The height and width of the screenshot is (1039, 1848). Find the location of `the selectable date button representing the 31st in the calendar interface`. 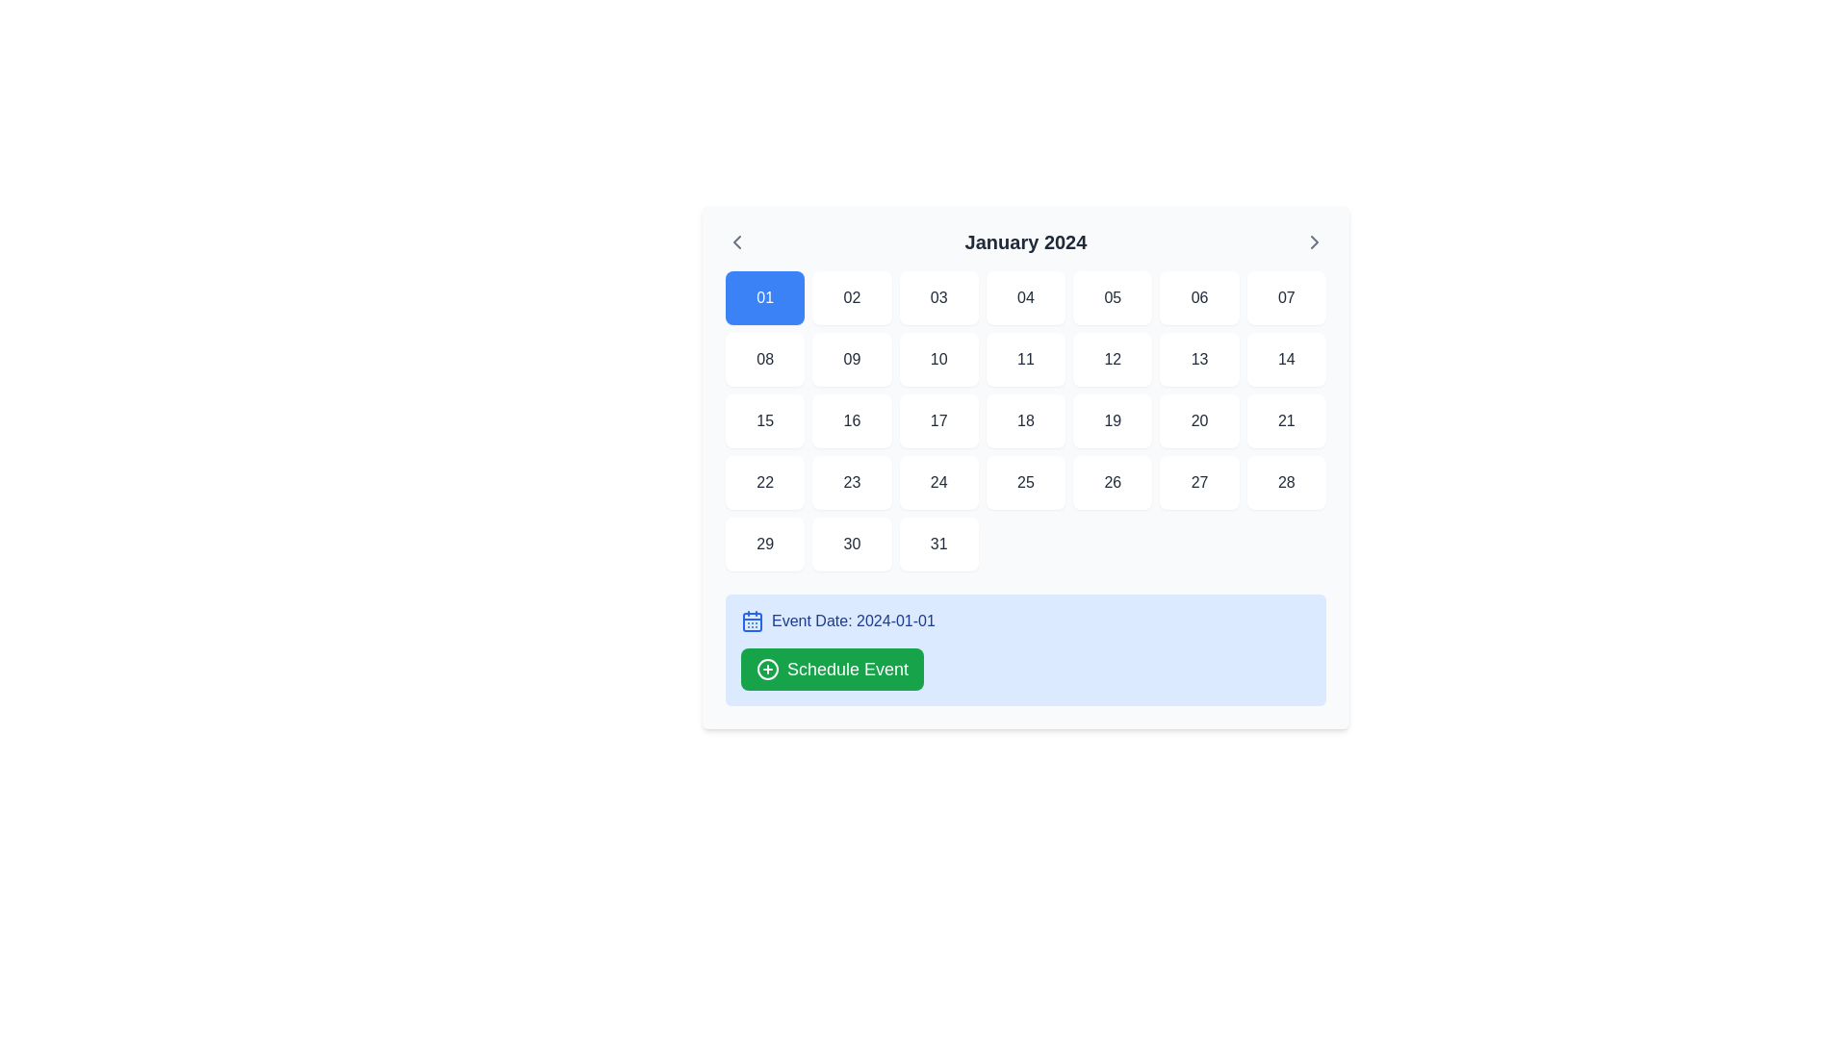

the selectable date button representing the 31st in the calendar interface is located at coordinates (938, 545).